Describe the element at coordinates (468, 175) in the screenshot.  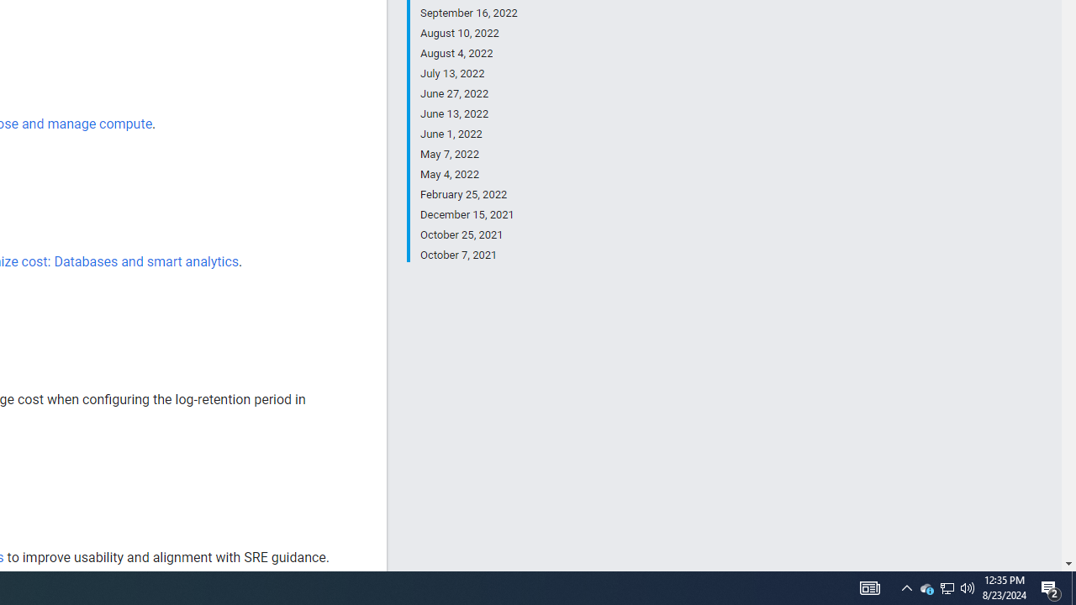
I see `'May 4, 2022'` at that location.